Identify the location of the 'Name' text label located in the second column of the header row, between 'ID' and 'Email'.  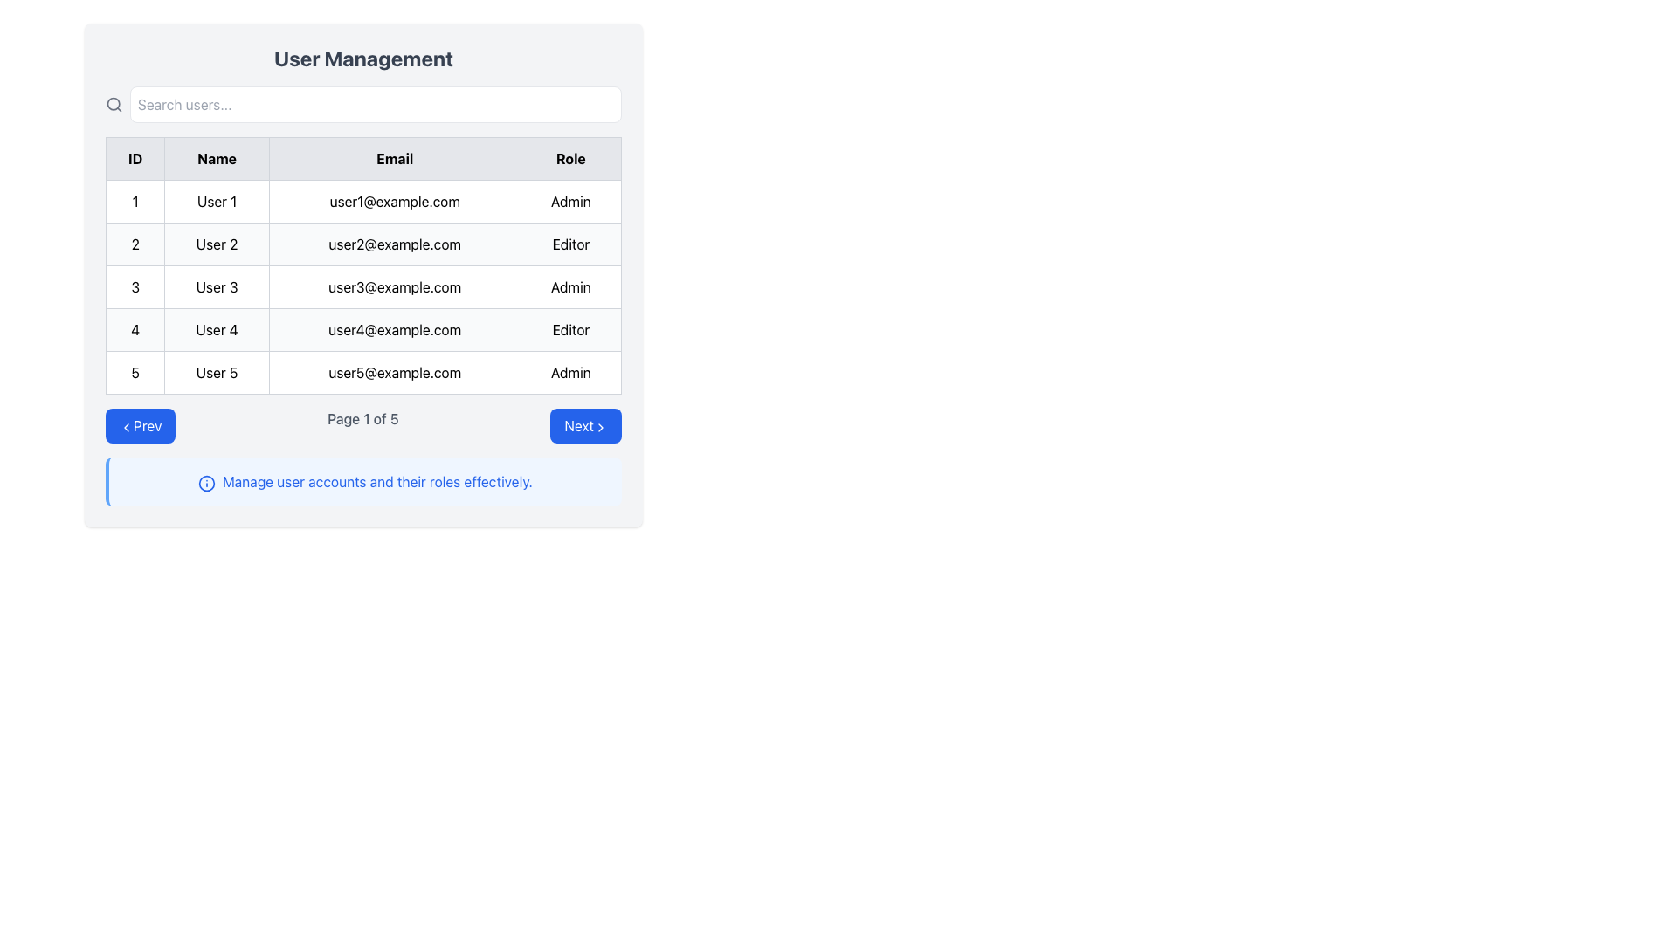
(216, 158).